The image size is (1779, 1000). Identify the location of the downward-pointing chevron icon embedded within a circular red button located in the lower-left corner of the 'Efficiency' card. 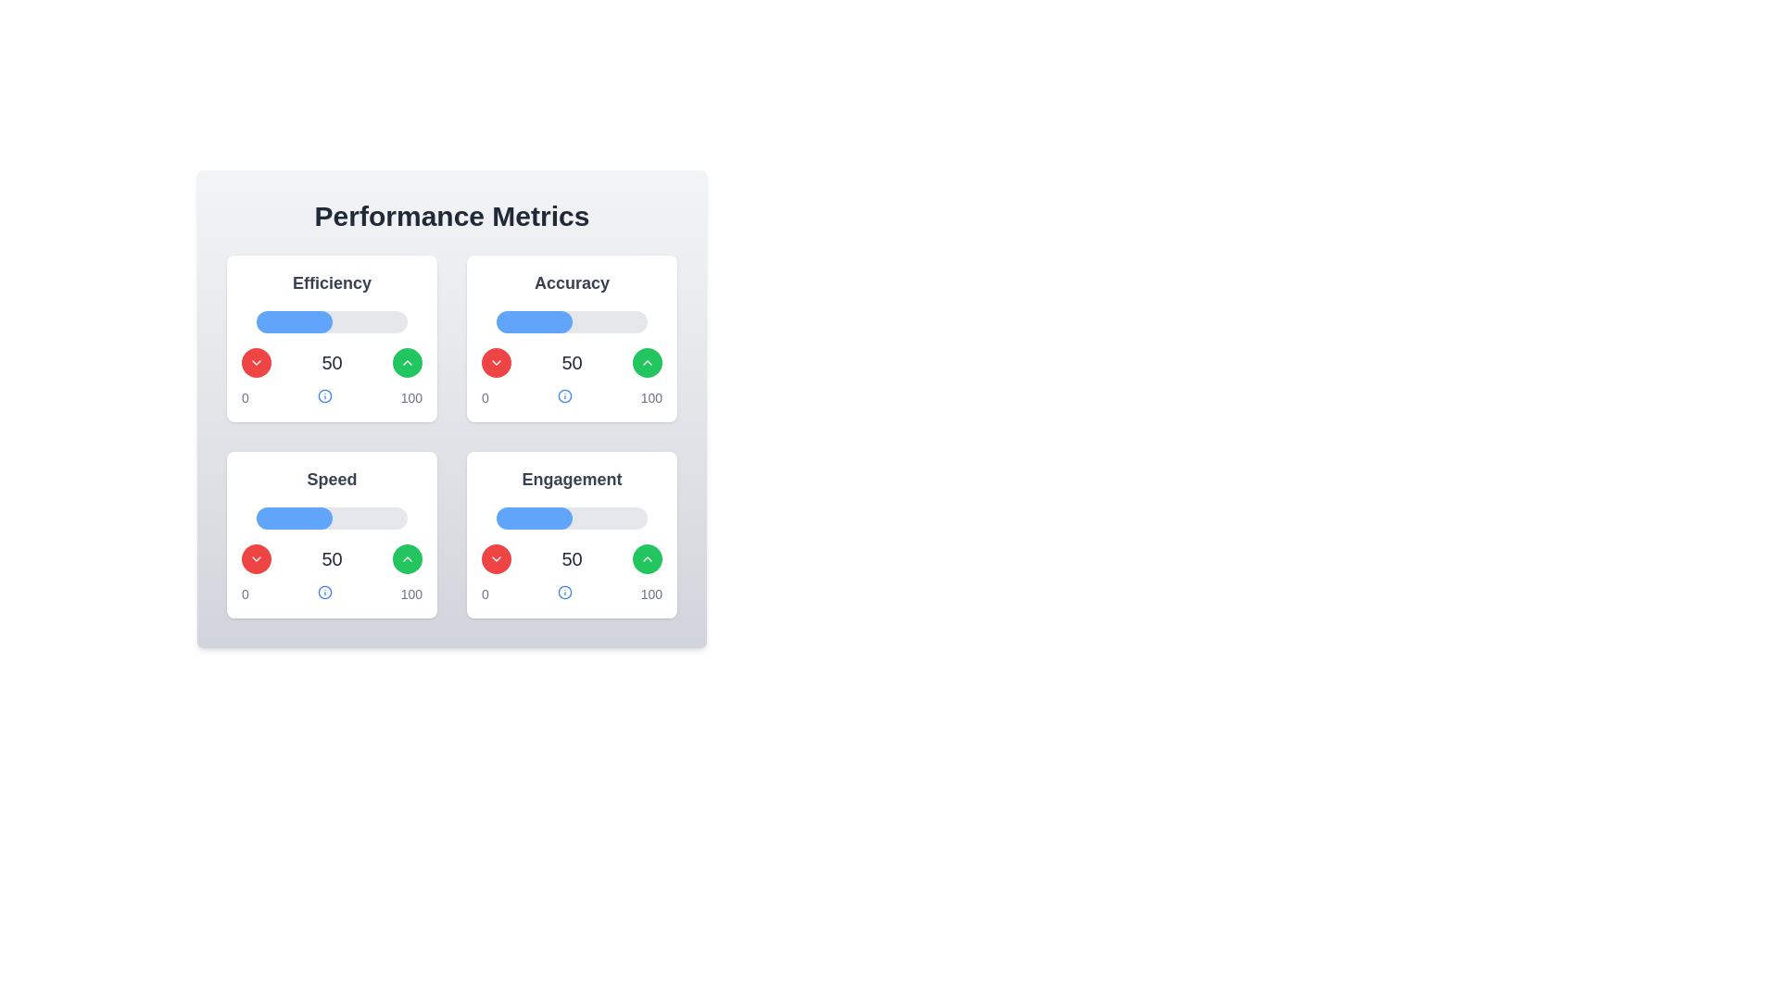
(256, 363).